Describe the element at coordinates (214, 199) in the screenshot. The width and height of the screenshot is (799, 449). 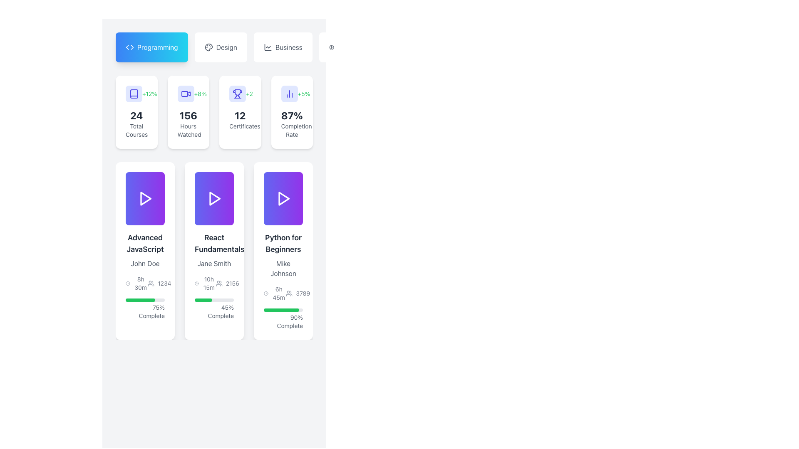
I see `the graphical play indicator icon button, which is a rectangular box with rounded corners and a white play icon centered on it, located within the 'React Fundamentals' card` at that location.